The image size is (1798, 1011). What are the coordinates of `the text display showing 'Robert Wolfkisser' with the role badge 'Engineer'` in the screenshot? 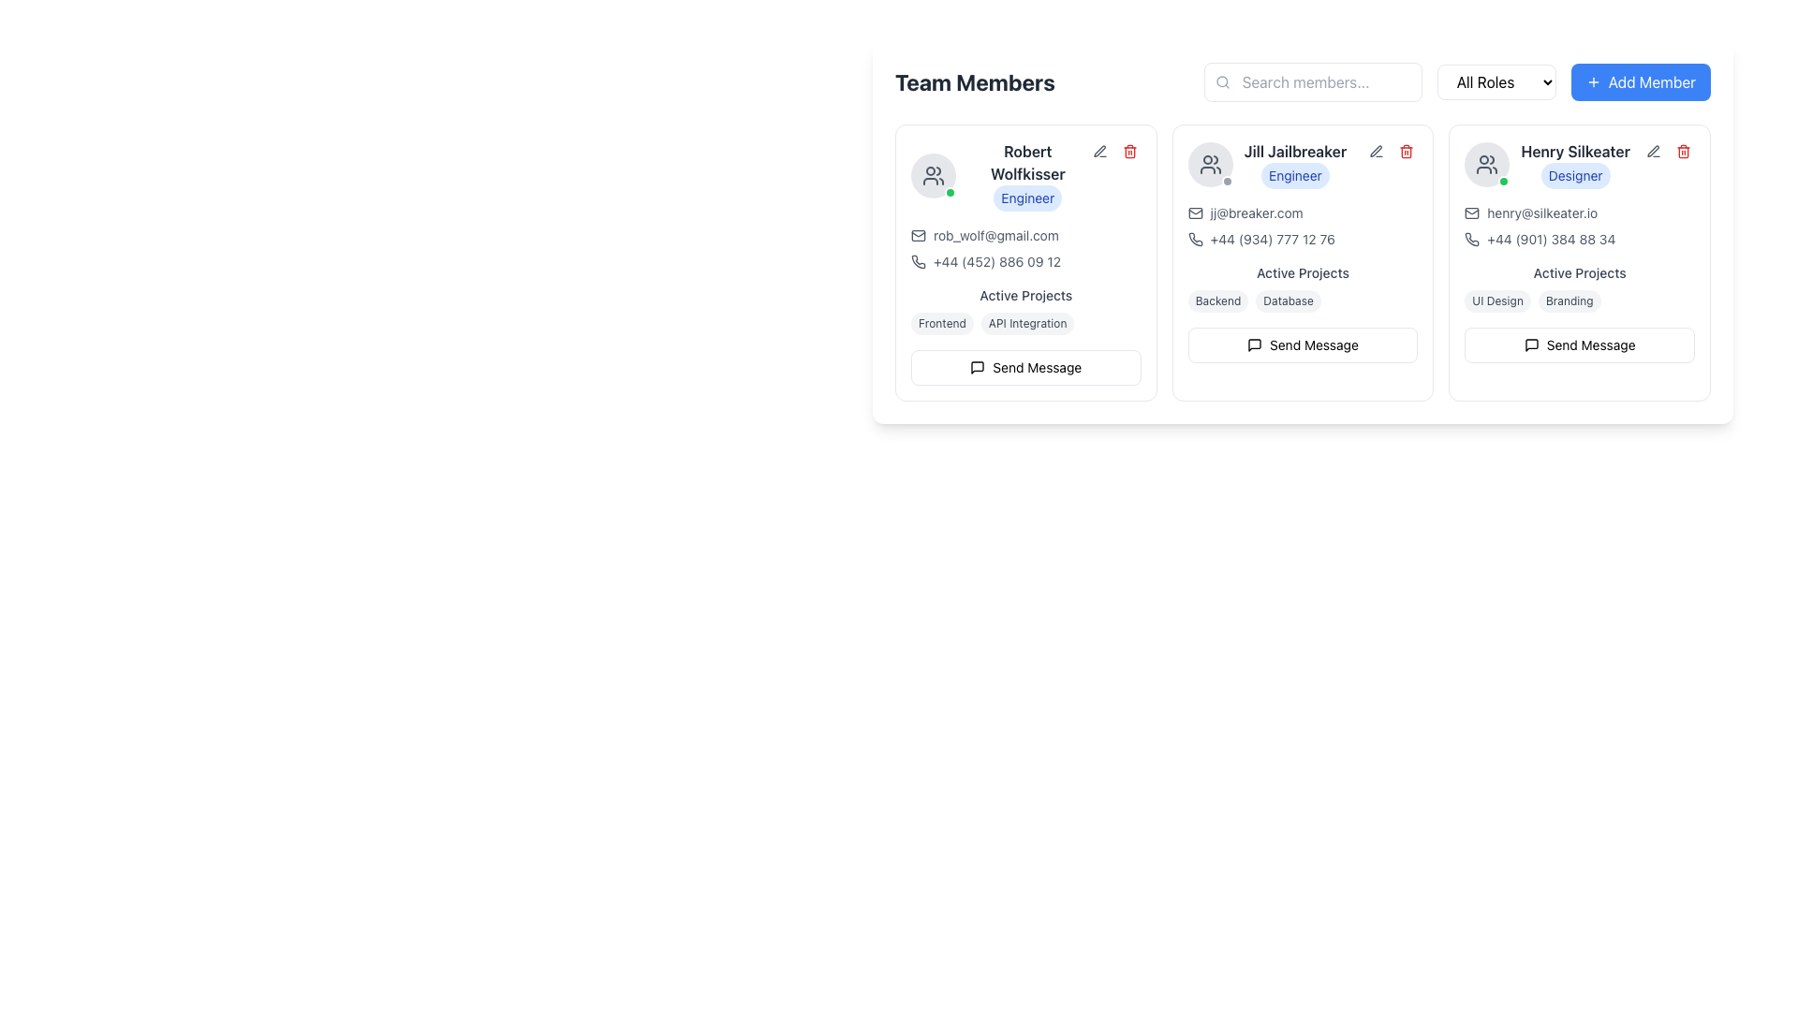 It's located at (1026, 176).